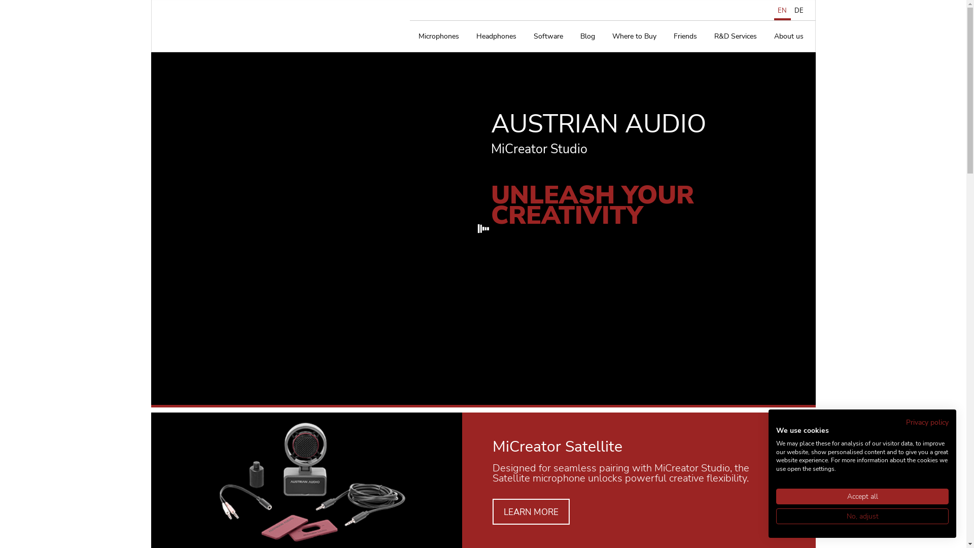  What do you see at coordinates (774, 10) in the screenshot?
I see `'EN'` at bounding box center [774, 10].